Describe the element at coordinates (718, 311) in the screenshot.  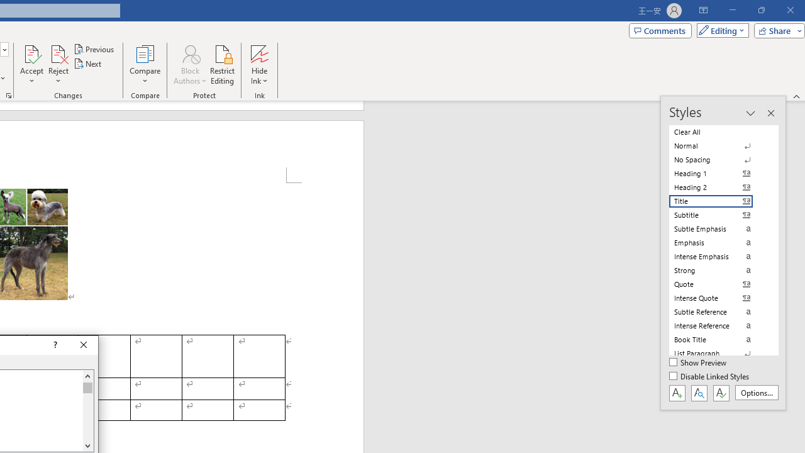
I see `'Subtle Reference'` at that location.